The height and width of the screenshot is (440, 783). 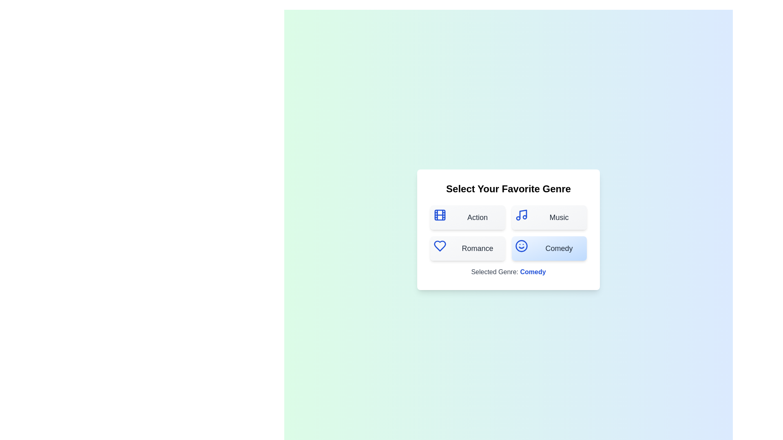 I want to click on the circular blue icon with a smiling face and red nose located in the Comedy button panel at the bottom-right of the genre selection options, so click(x=521, y=246).